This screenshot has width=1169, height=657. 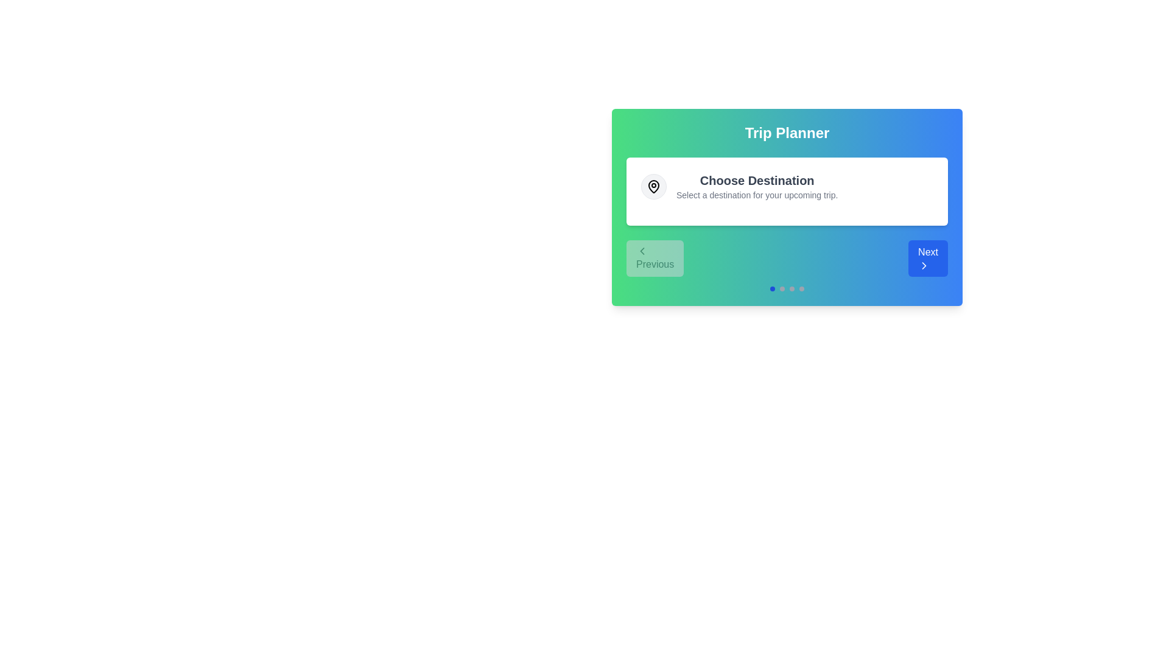 I want to click on the SVG map pin icon located in the top-left region of the 'Choose Destination' card, which features a circular pinhead and a pointed tail, so click(x=653, y=187).